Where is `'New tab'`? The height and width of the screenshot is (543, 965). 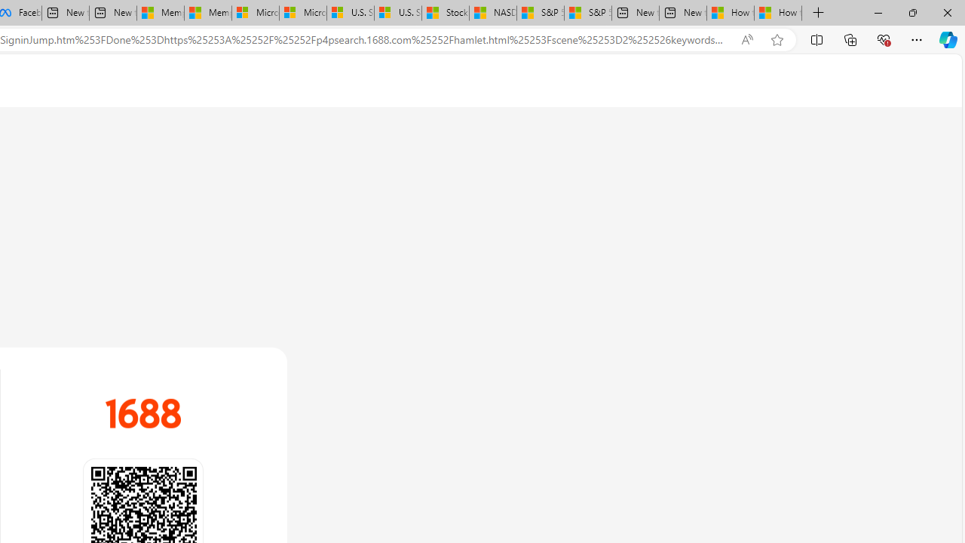 'New tab' is located at coordinates (682, 13).